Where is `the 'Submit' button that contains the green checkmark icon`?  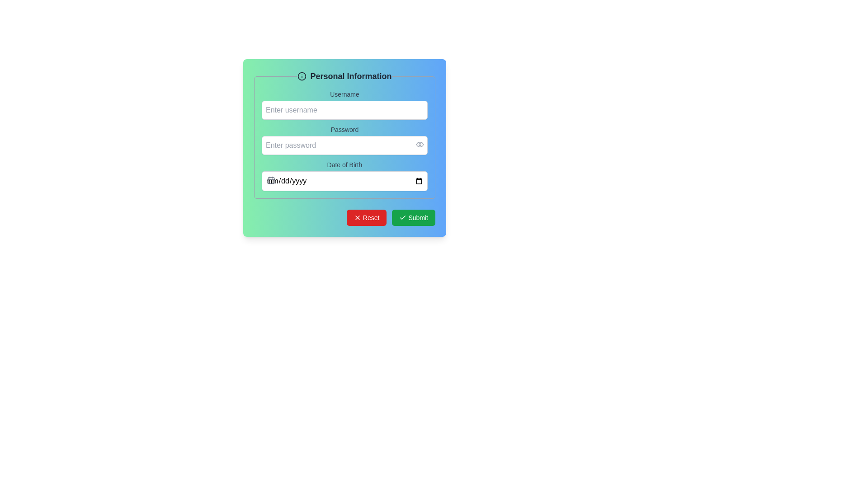 the 'Submit' button that contains the green checkmark icon is located at coordinates (402, 218).